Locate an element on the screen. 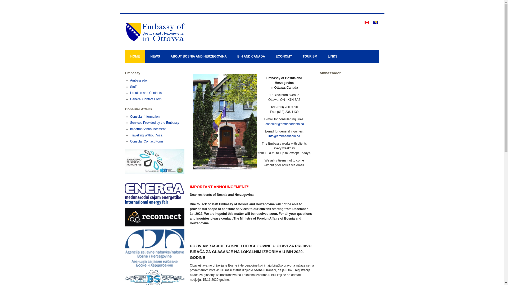 This screenshot has width=508, height=285. 'Bosanski (BS)' is located at coordinates (375, 22).